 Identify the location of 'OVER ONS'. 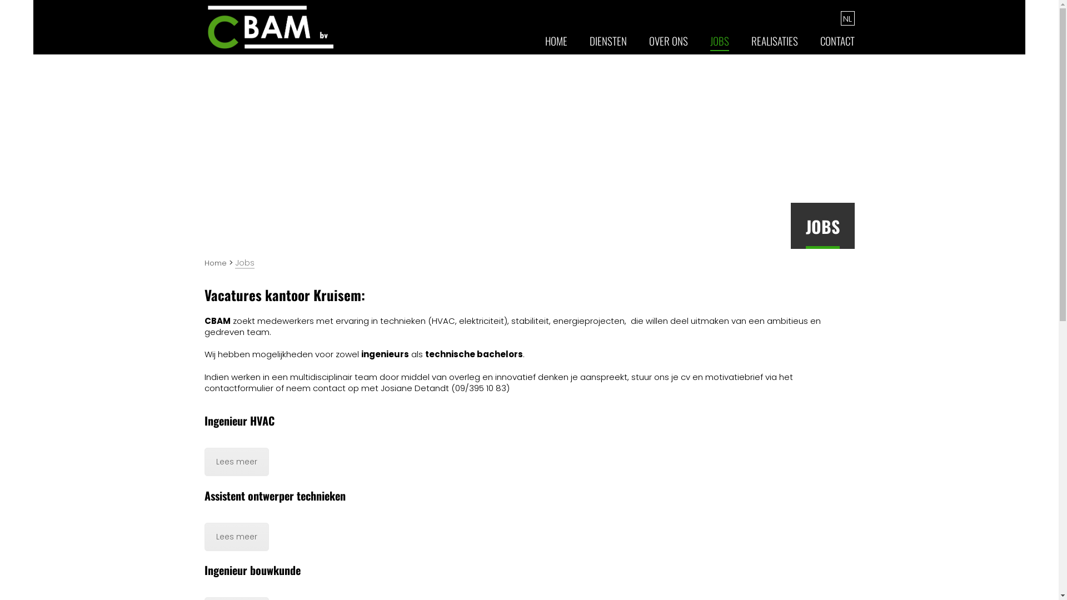
(668, 44).